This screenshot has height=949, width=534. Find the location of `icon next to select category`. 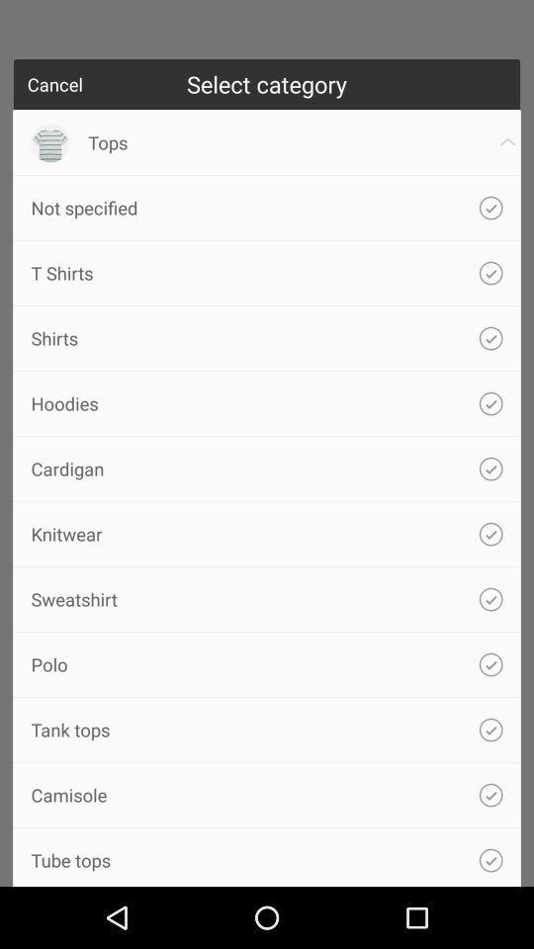

icon next to select category is located at coordinates (54, 84).